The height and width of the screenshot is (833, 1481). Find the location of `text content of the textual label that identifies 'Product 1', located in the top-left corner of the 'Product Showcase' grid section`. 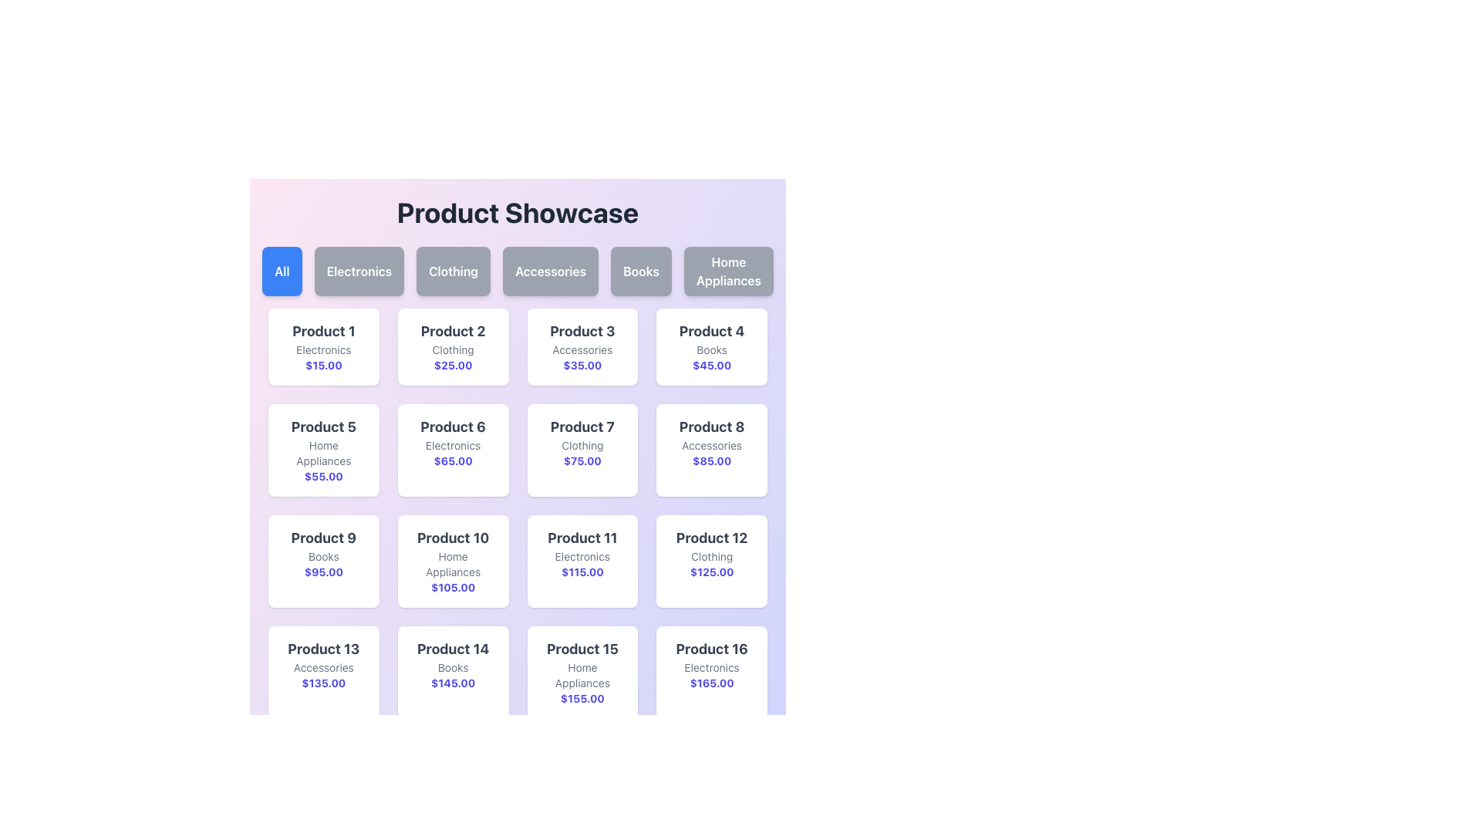

text content of the textual label that identifies 'Product 1', located in the top-left corner of the 'Product Showcase' grid section is located at coordinates (322, 330).